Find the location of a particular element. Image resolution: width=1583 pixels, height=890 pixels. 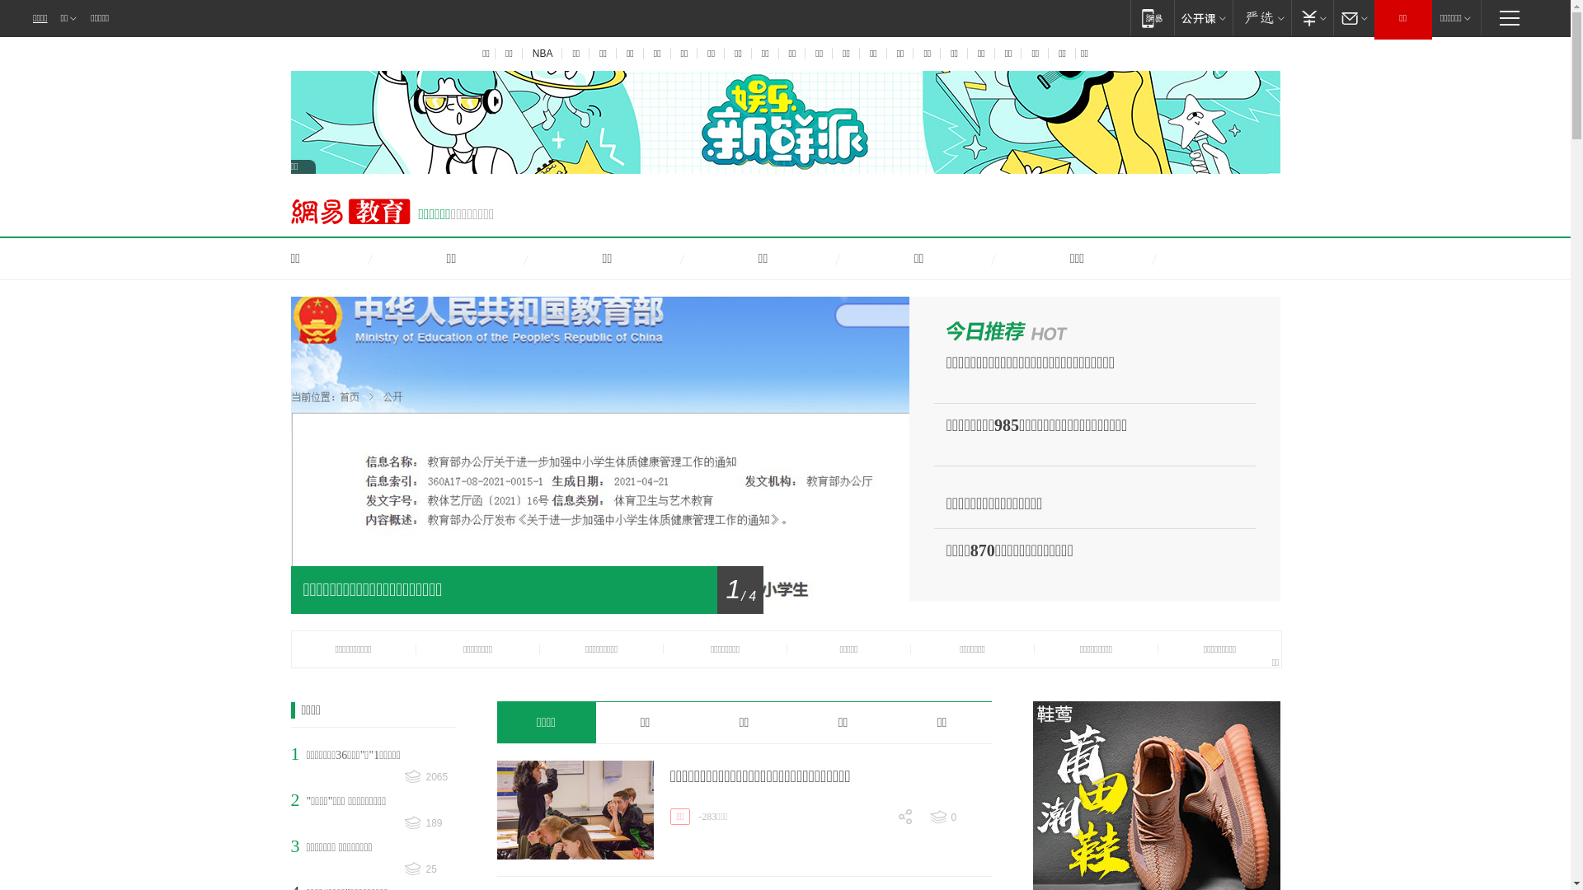

'NBA' is located at coordinates (542, 53).